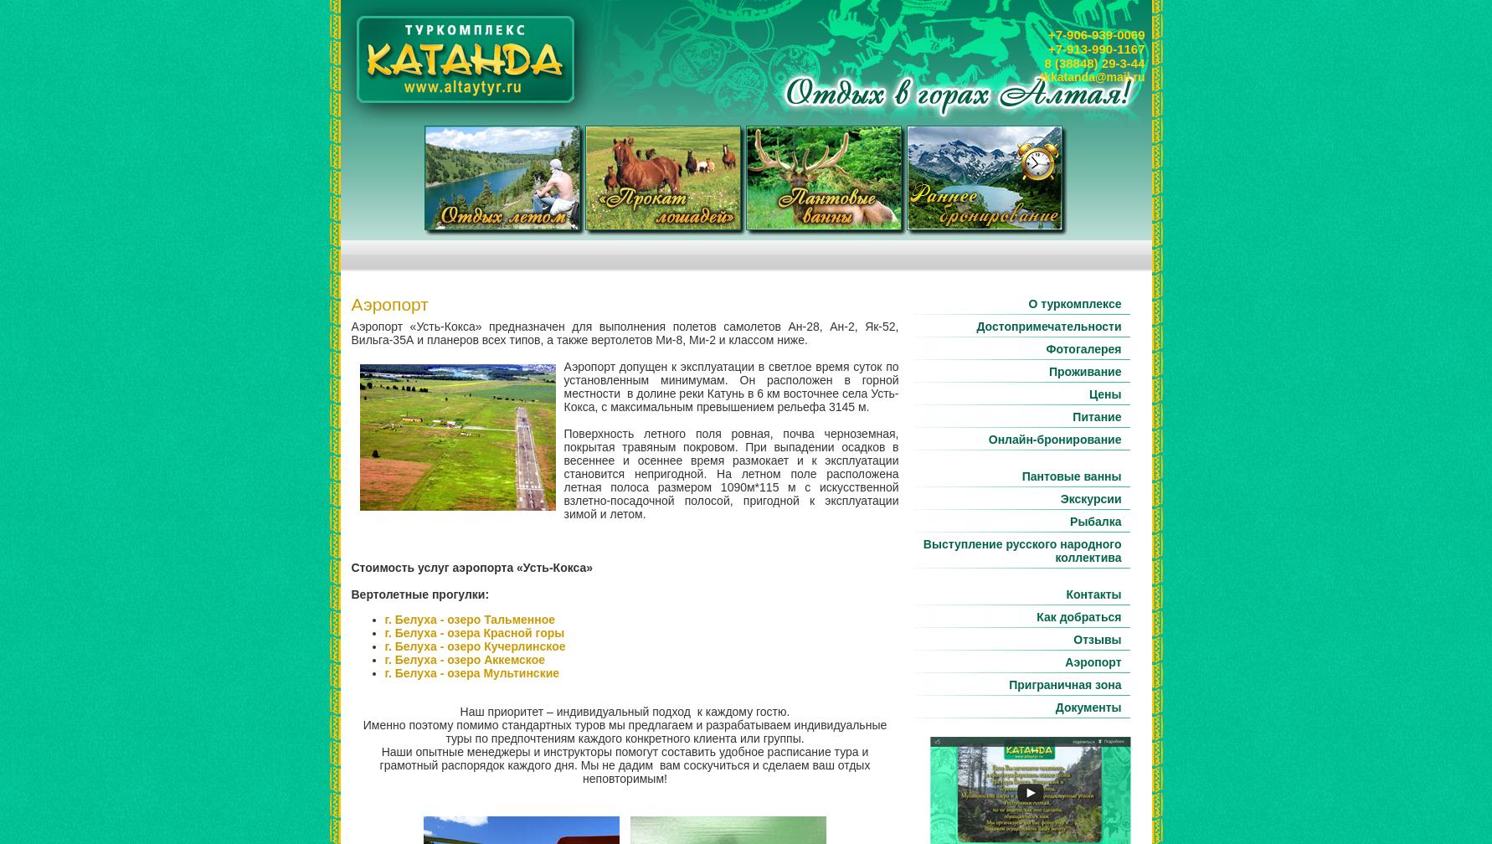 The image size is (1492, 844). Describe the element at coordinates (1096, 49) in the screenshot. I see `'+7-913-990-1167'` at that location.